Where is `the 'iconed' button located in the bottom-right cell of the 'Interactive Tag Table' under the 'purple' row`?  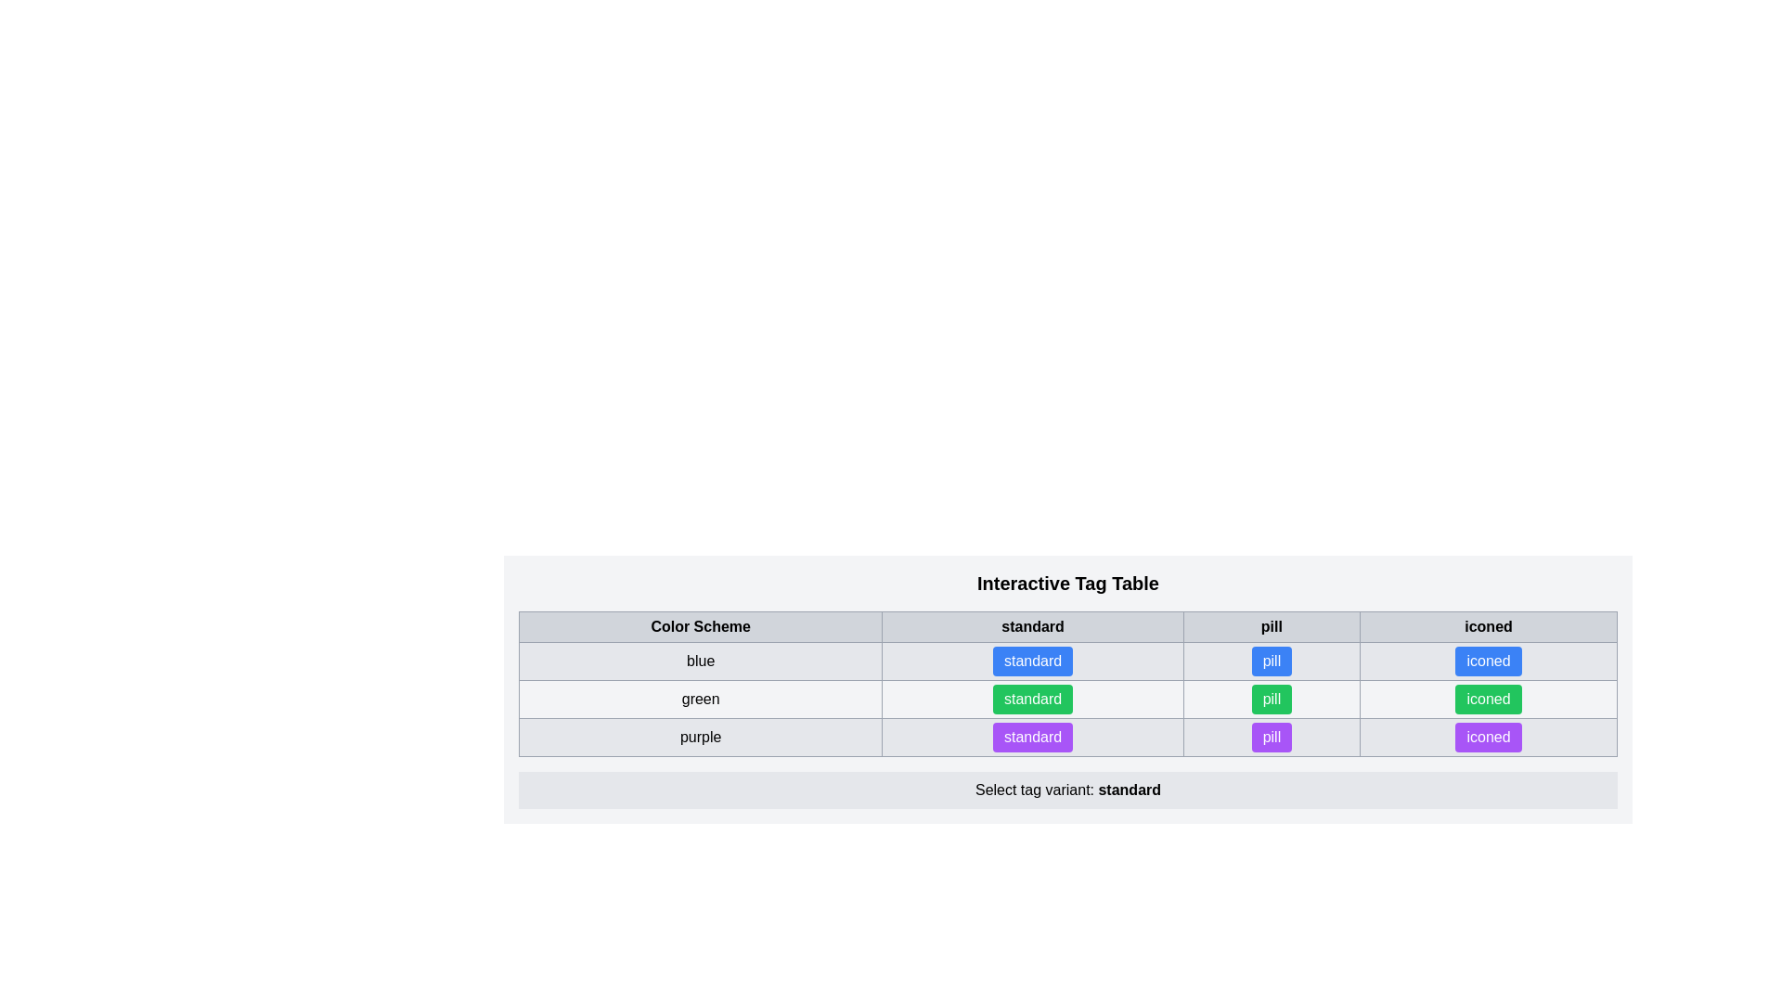
the 'iconed' button located in the bottom-right cell of the 'Interactive Tag Table' under the 'purple' row is located at coordinates (1488, 736).